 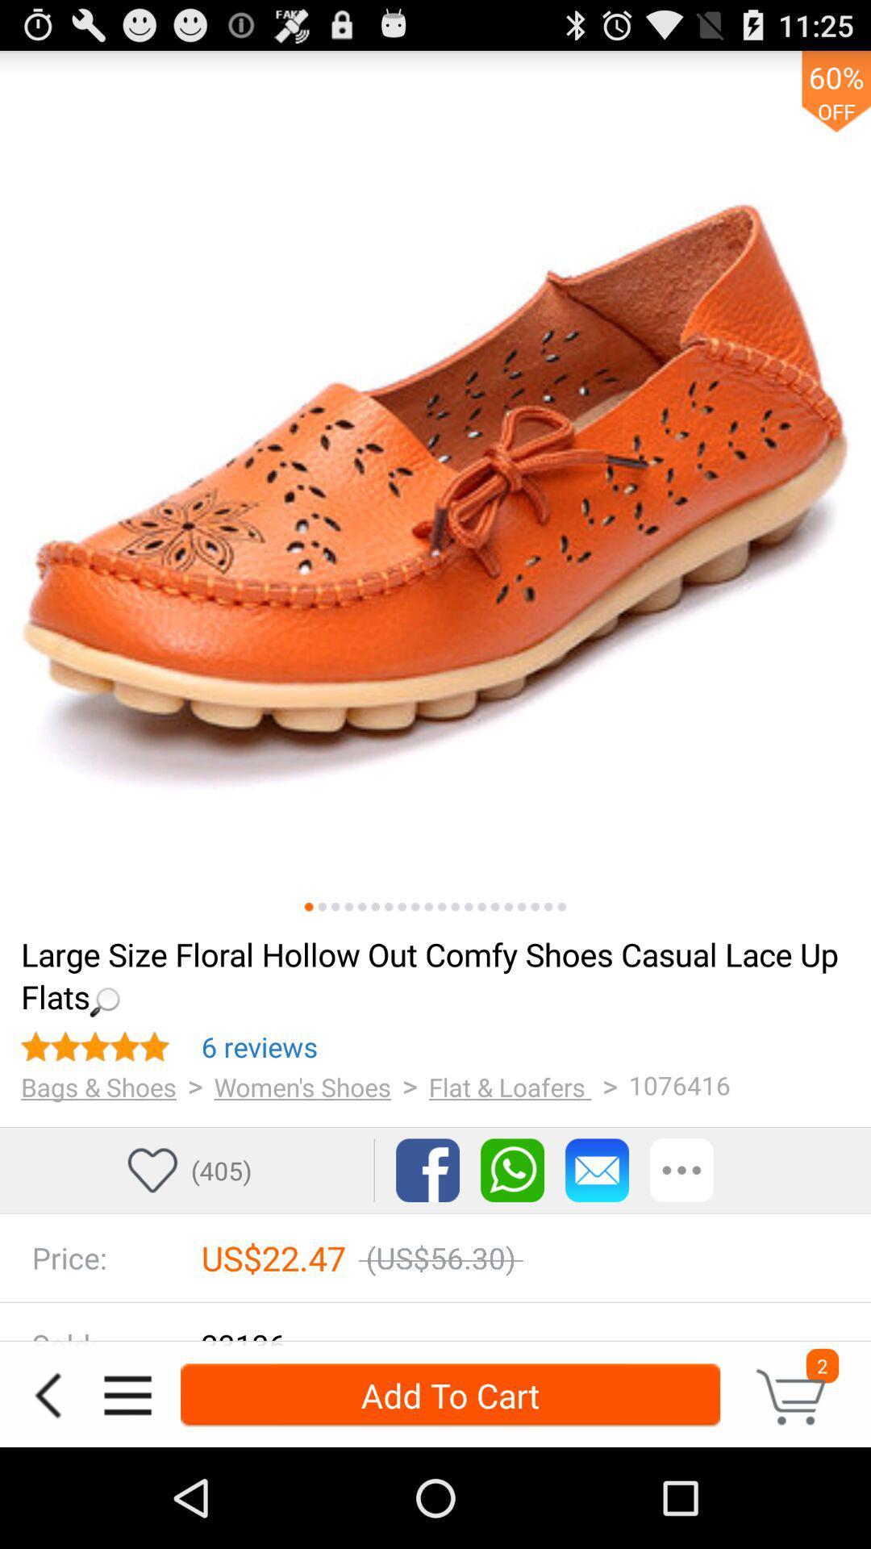 I want to click on go back, so click(x=47, y=1394).